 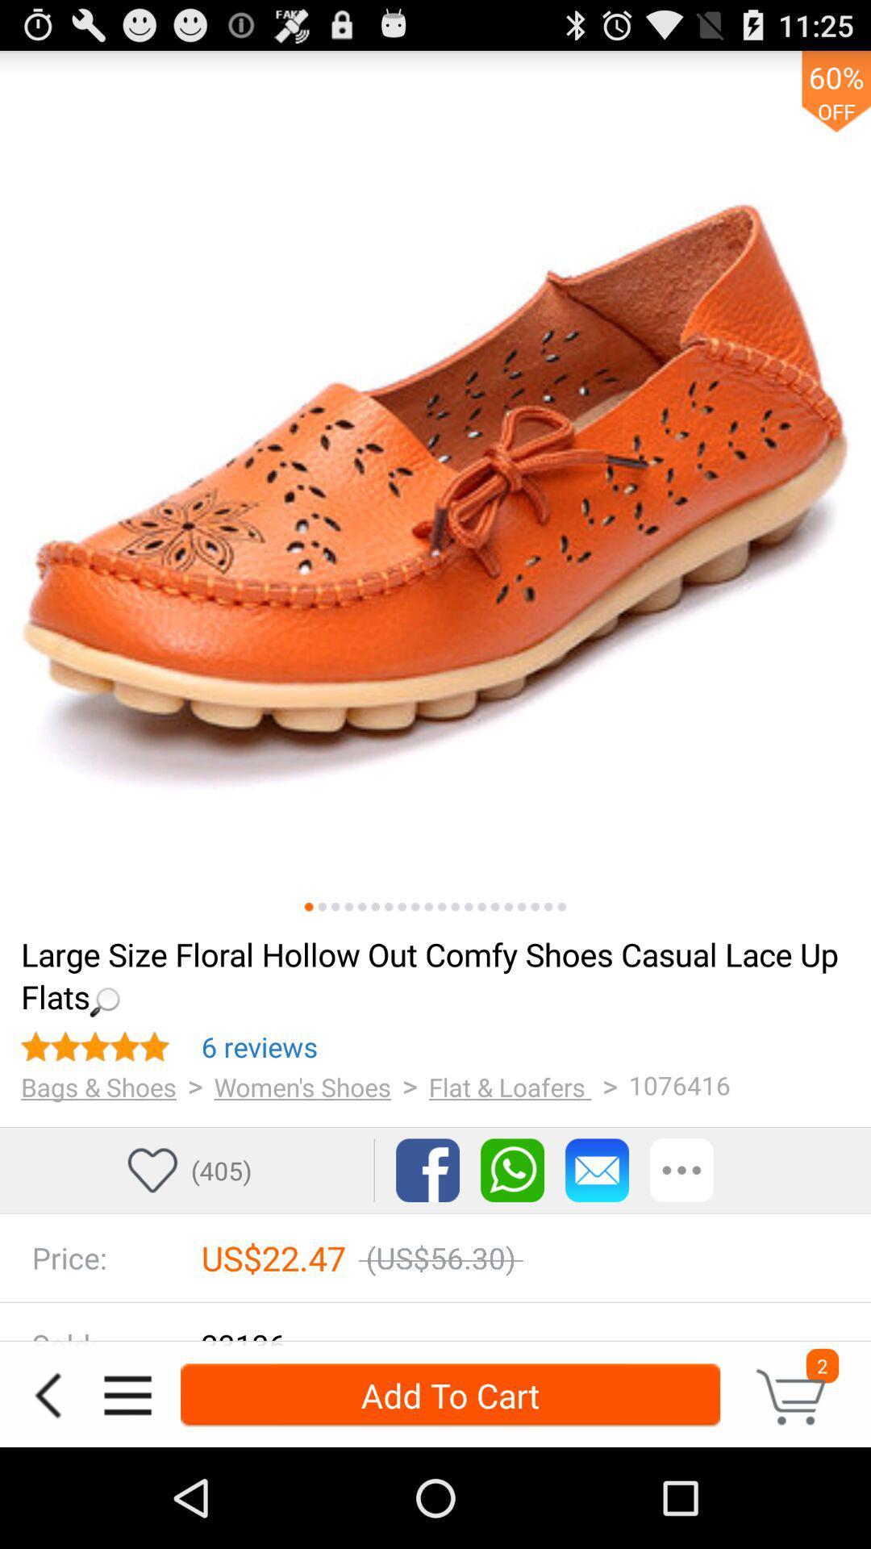 I want to click on go back, so click(x=47, y=1394).